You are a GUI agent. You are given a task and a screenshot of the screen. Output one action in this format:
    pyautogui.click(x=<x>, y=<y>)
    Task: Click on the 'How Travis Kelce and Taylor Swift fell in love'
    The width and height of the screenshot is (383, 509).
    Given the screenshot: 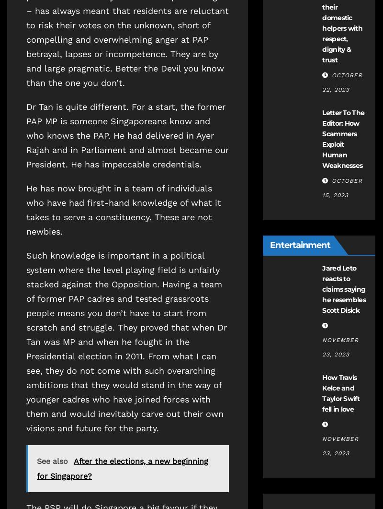 What is the action you would take?
    pyautogui.click(x=322, y=393)
    